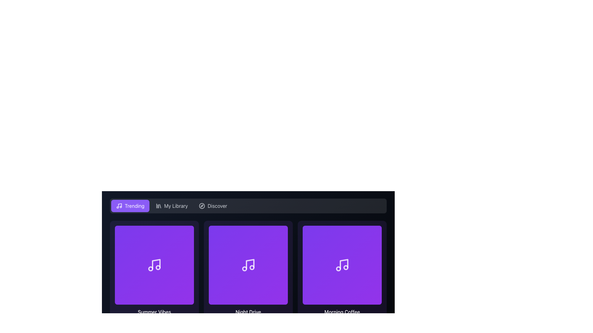 The height and width of the screenshot is (333, 593). I want to click on the Decorative block representing the 'Summer Vibes' audio playlist located within the first music tile under the 'Trending' category, so click(154, 265).